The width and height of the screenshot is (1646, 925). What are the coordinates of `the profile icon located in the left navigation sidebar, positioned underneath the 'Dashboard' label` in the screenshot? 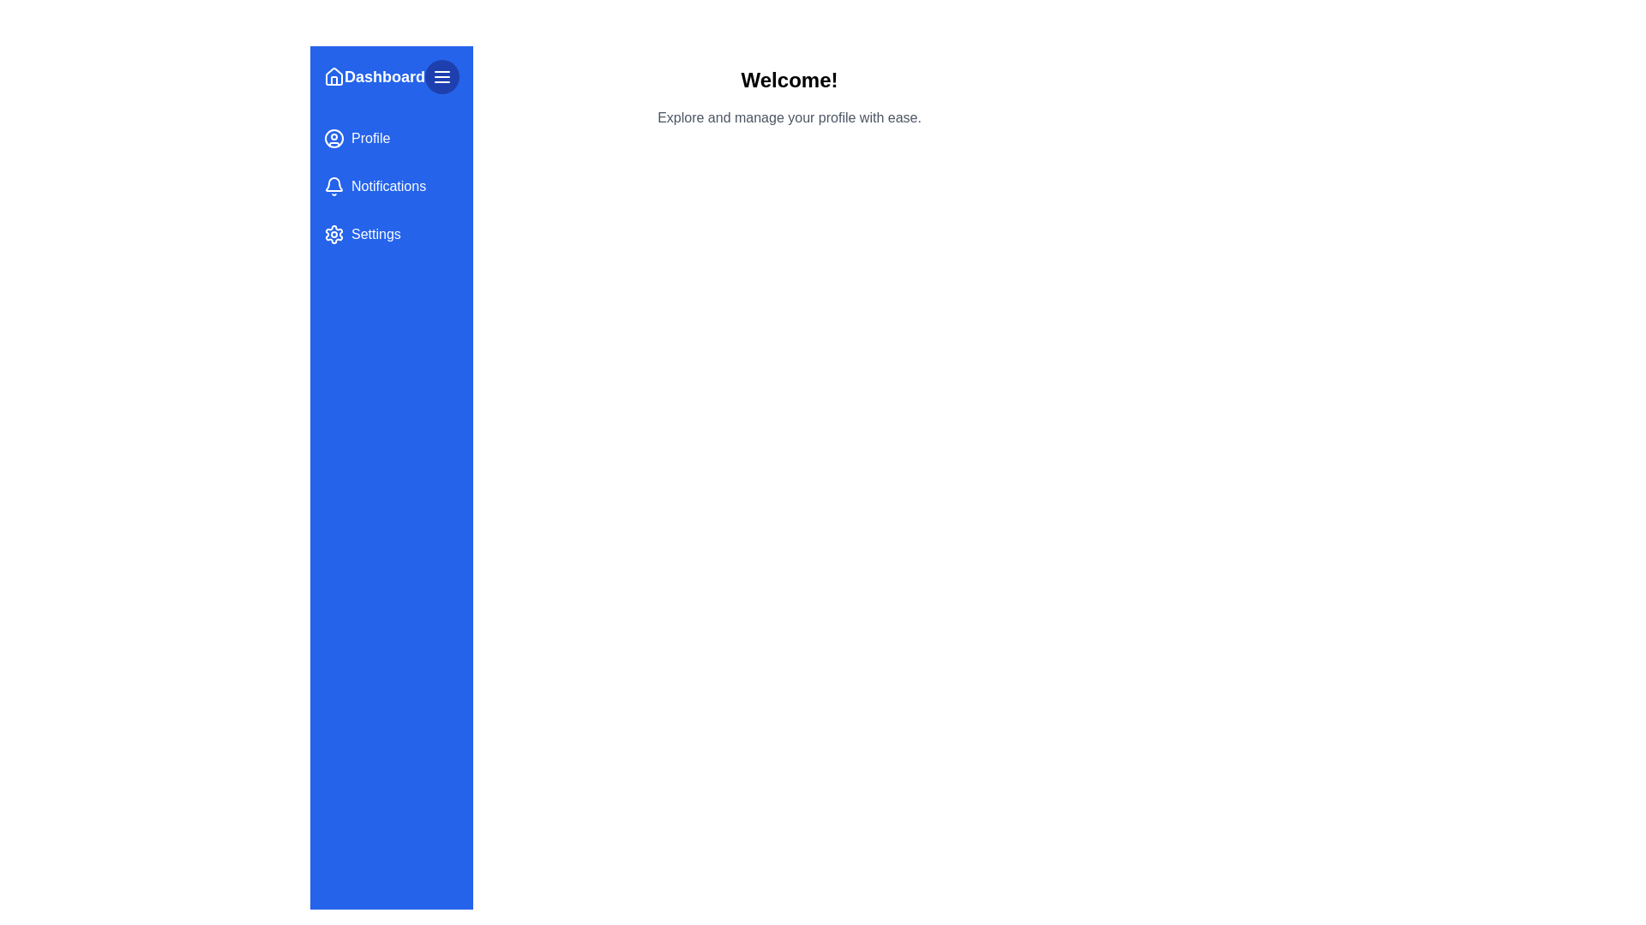 It's located at (333, 138).